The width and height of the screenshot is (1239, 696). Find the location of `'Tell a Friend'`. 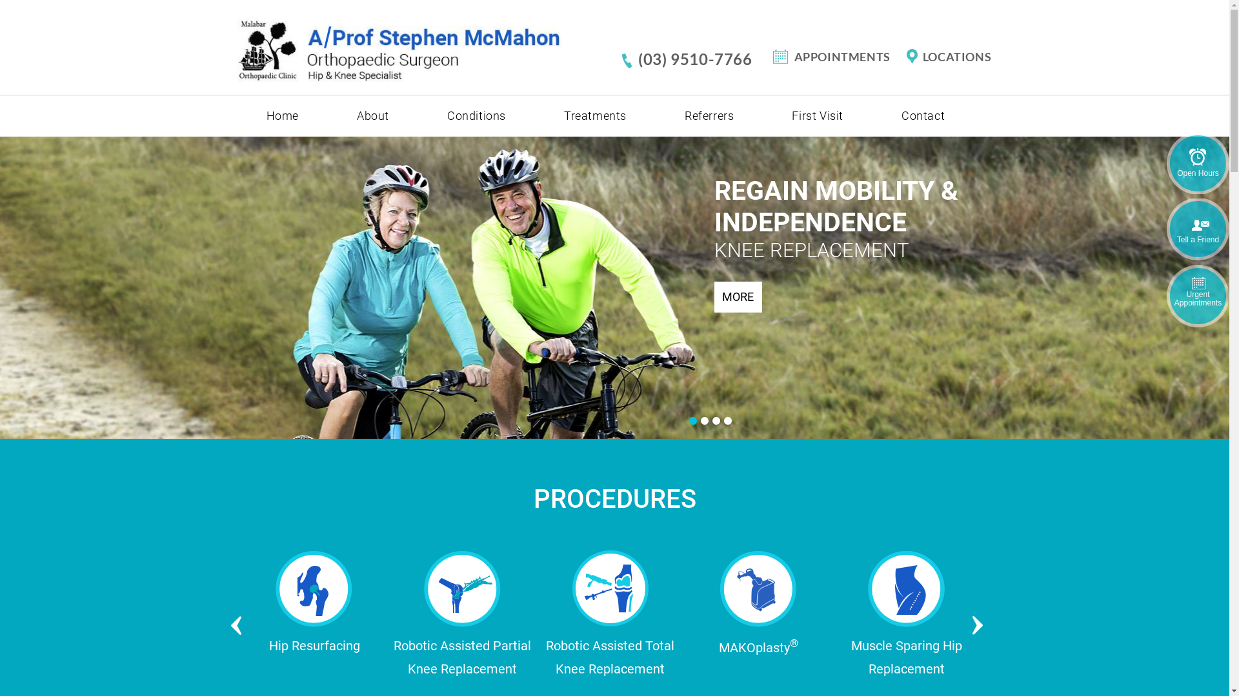

'Tell a Friend' is located at coordinates (1197, 229).